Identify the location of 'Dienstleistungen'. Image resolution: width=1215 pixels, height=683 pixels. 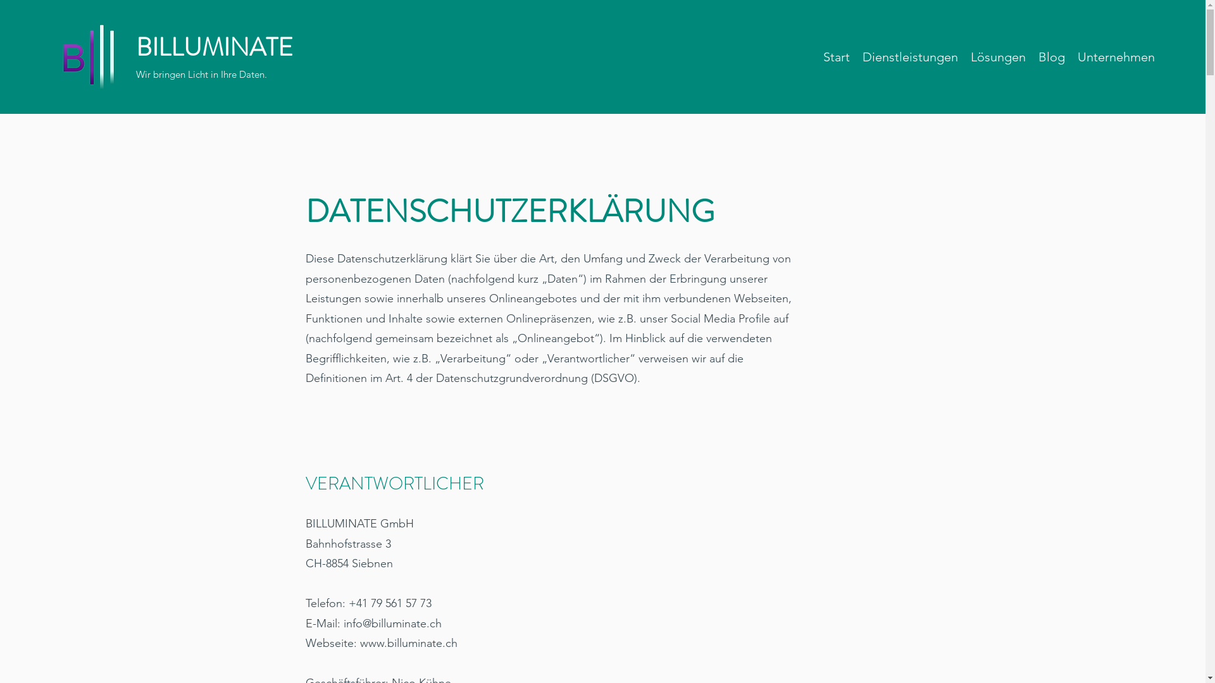
(856, 56).